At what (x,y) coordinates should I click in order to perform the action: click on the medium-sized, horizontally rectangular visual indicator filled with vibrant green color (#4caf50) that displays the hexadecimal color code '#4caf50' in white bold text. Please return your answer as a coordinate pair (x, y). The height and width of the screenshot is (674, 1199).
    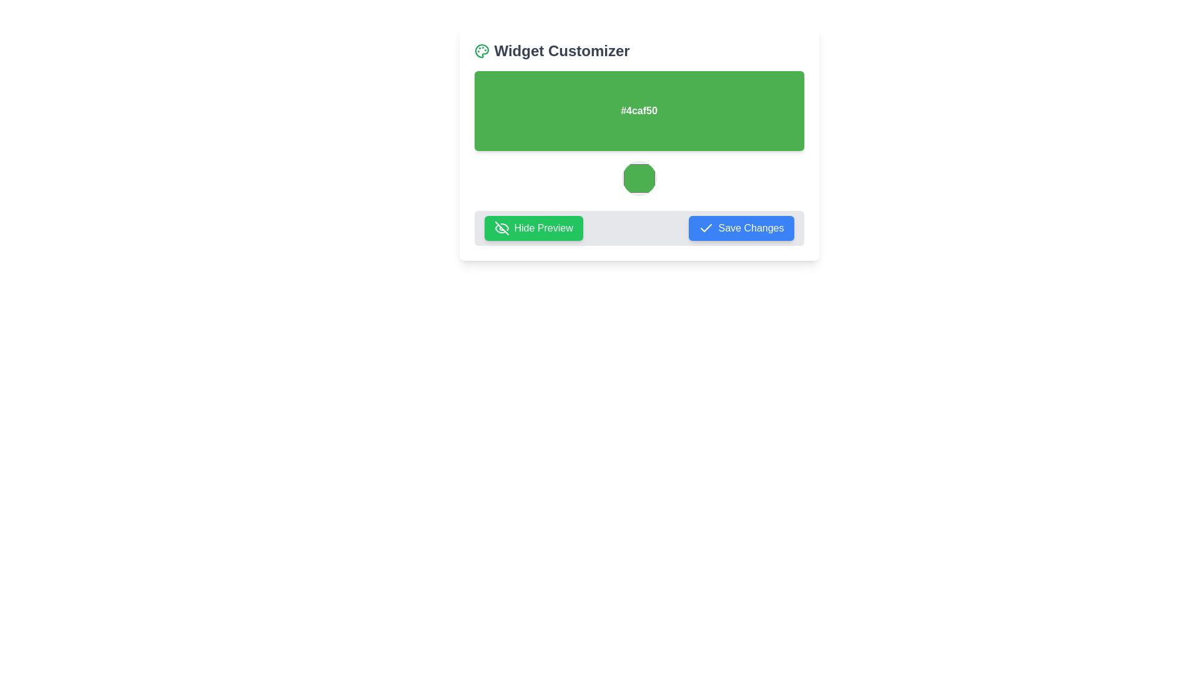
    Looking at the image, I should click on (639, 110).